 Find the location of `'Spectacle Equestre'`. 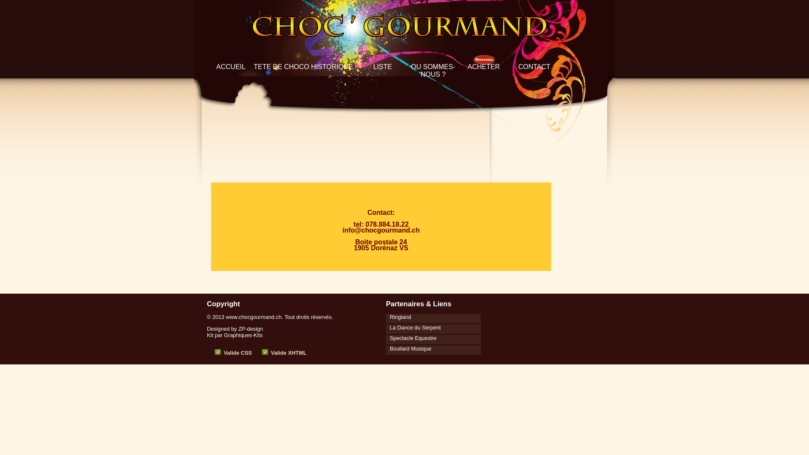

'Spectacle Equestre' is located at coordinates (411, 337).